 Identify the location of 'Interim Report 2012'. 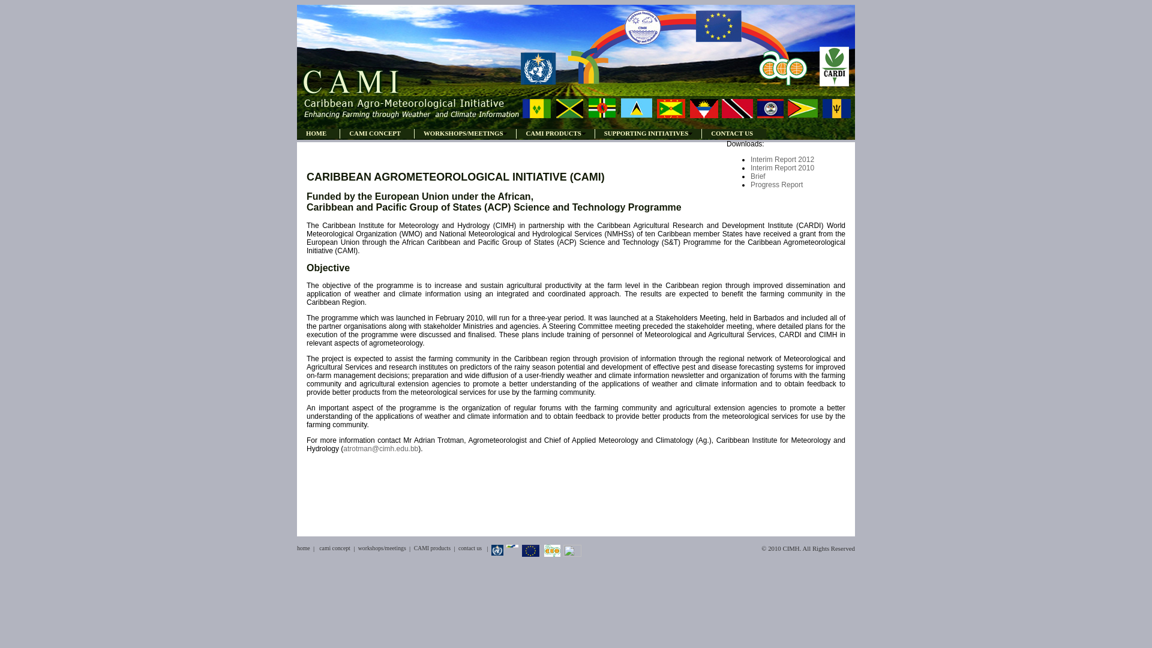
(750, 159).